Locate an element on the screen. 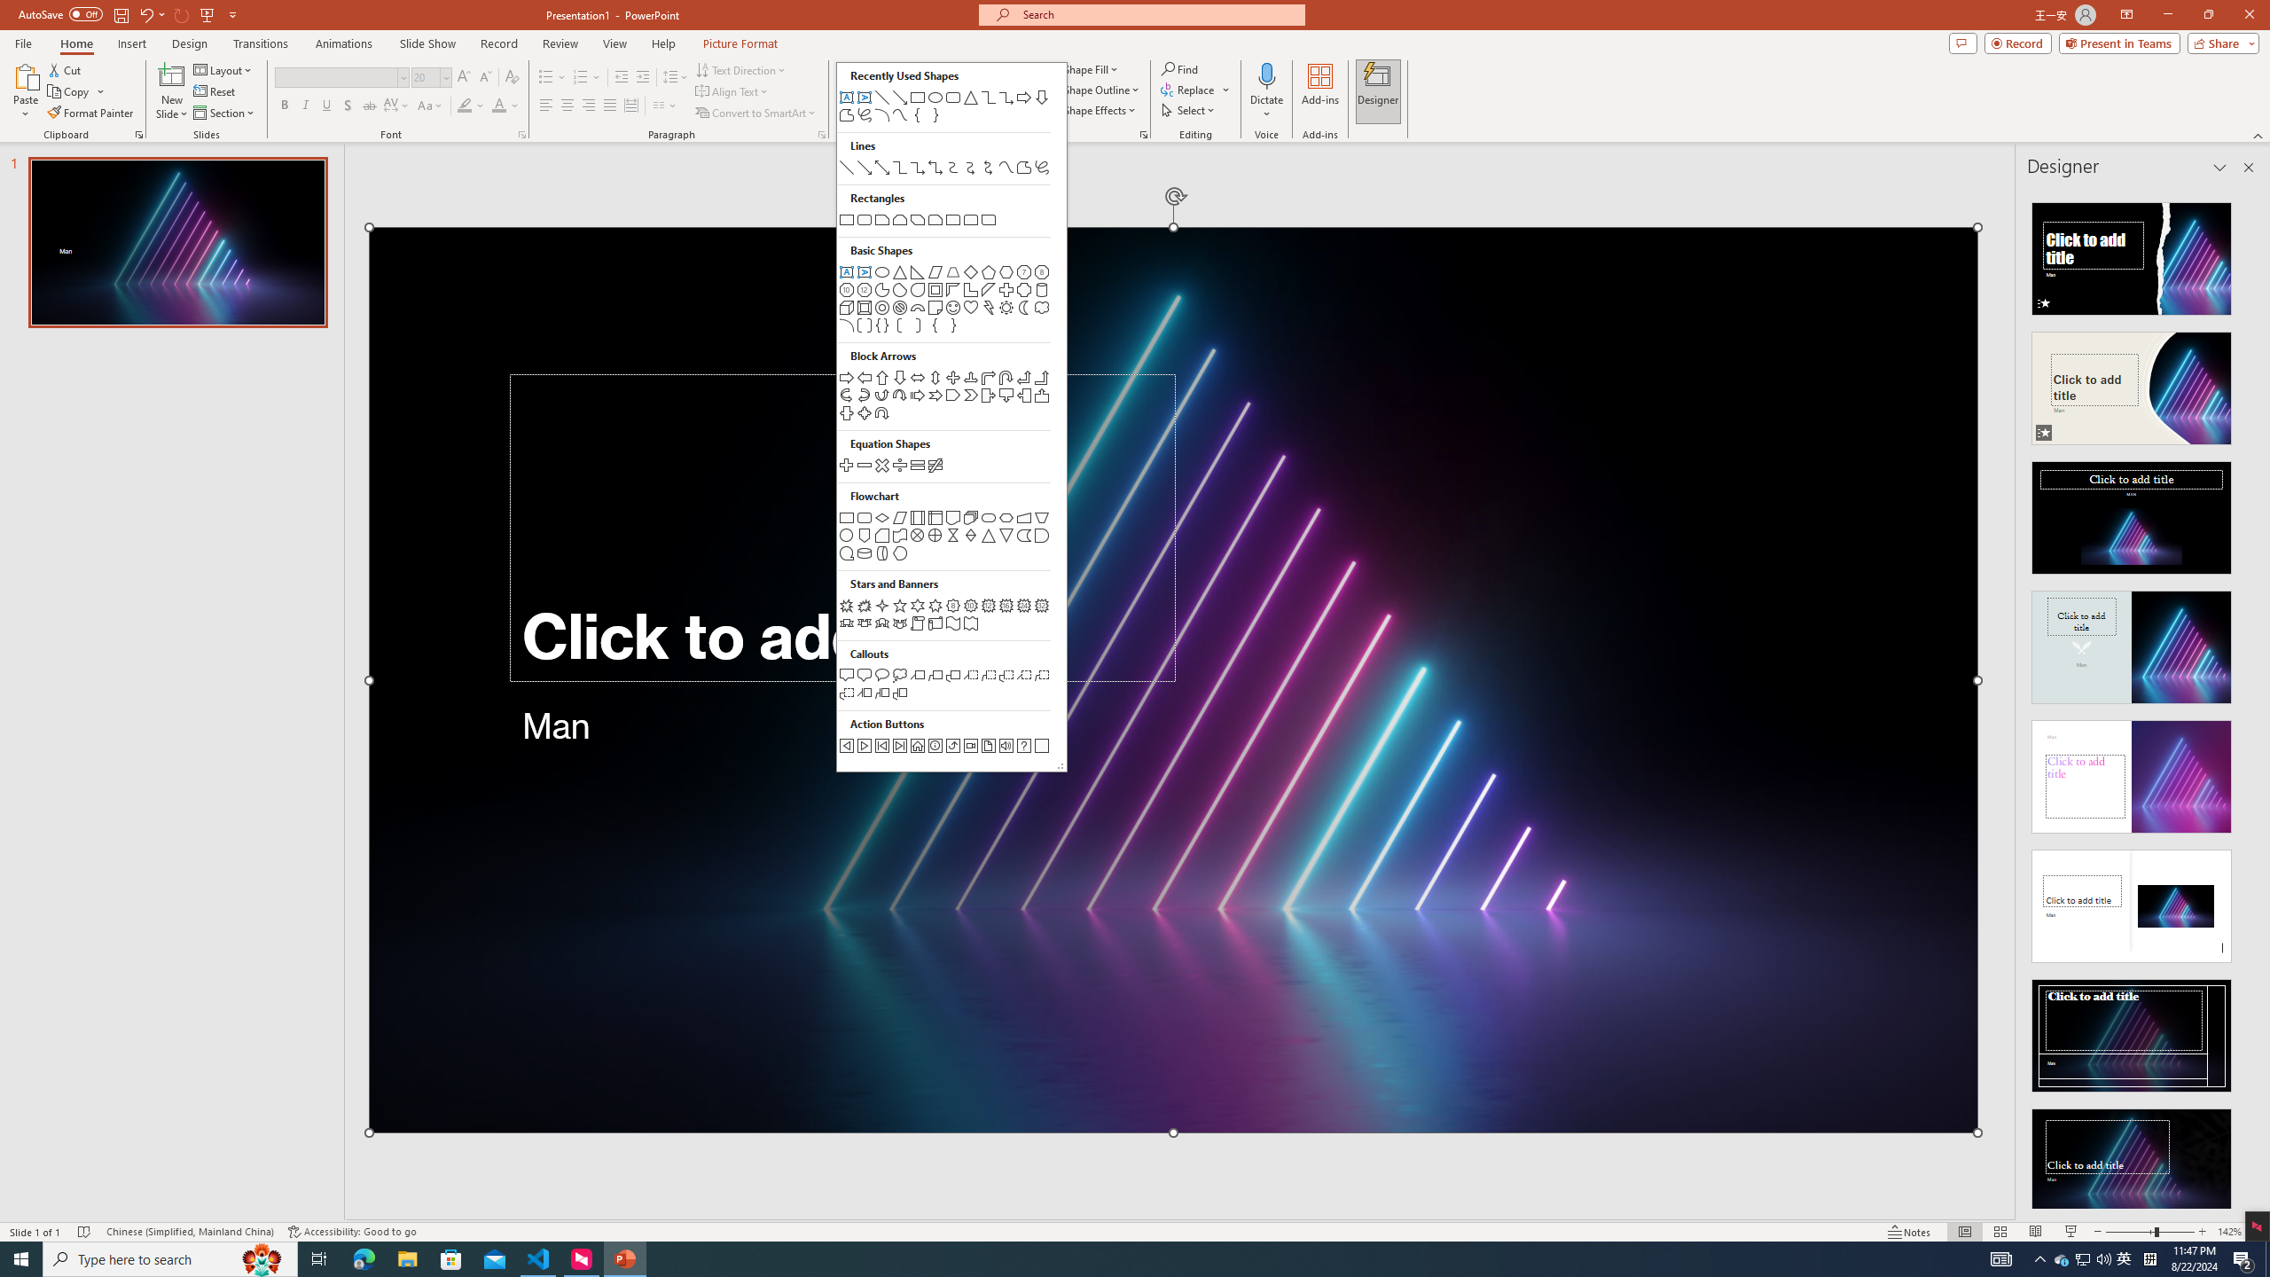 Image resolution: width=2270 pixels, height=1277 pixels. 'Layout' is located at coordinates (223, 69).